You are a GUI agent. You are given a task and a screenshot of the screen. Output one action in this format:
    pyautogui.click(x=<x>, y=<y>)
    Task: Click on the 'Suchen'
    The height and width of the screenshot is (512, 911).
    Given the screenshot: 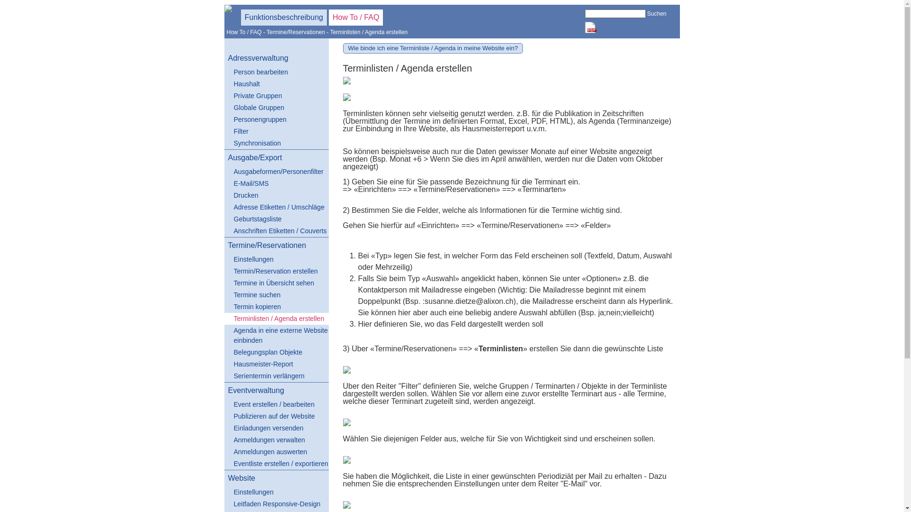 What is the action you would take?
    pyautogui.click(x=656, y=14)
    